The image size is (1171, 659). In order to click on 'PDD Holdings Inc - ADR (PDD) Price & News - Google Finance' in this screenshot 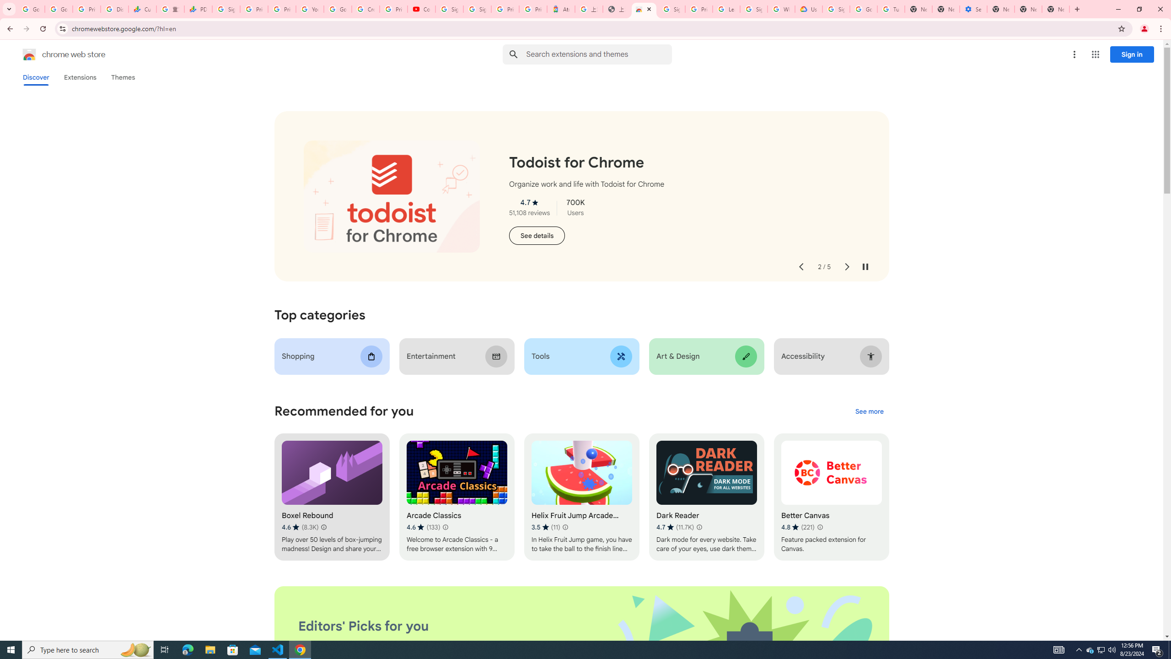, I will do `click(198, 9)`.